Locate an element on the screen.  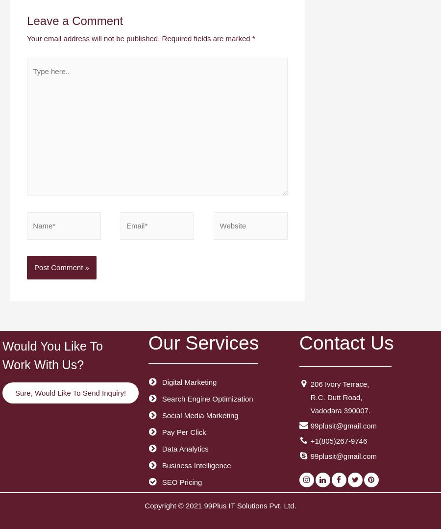
'Would You Like To' is located at coordinates (2, 346).